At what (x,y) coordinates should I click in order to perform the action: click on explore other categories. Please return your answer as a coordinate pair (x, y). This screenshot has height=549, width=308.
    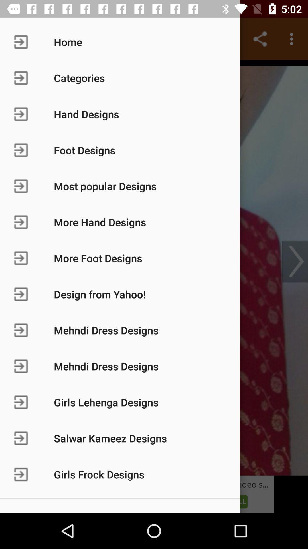
    Looking at the image, I should click on (154, 267).